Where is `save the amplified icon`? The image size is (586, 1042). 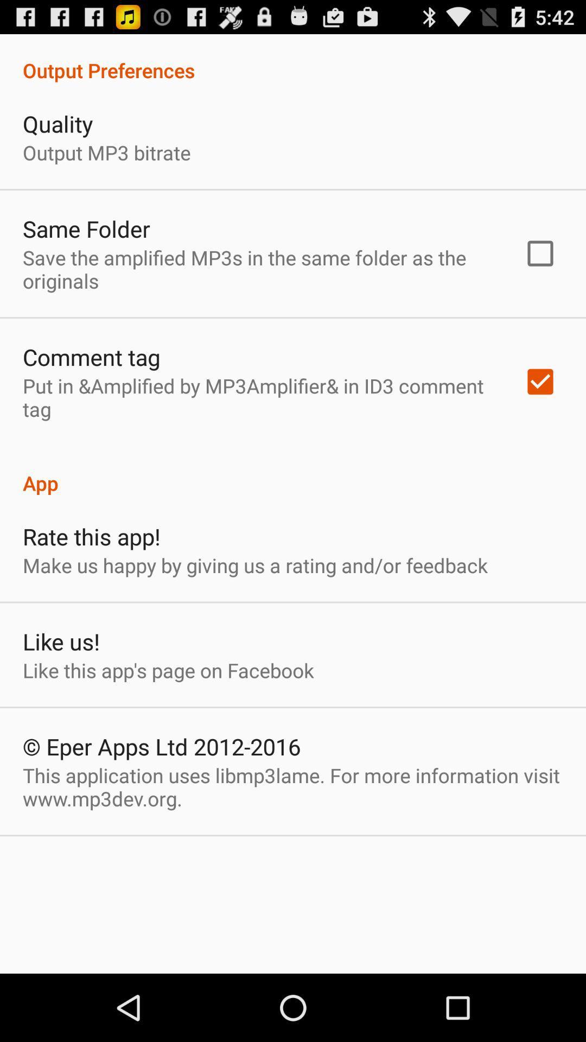
save the amplified icon is located at coordinates (259, 269).